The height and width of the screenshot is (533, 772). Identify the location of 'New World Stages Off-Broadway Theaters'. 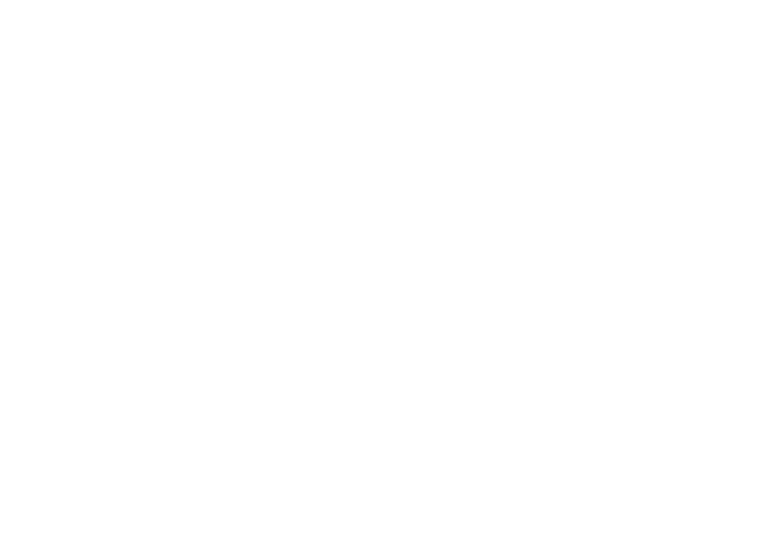
(219, 40).